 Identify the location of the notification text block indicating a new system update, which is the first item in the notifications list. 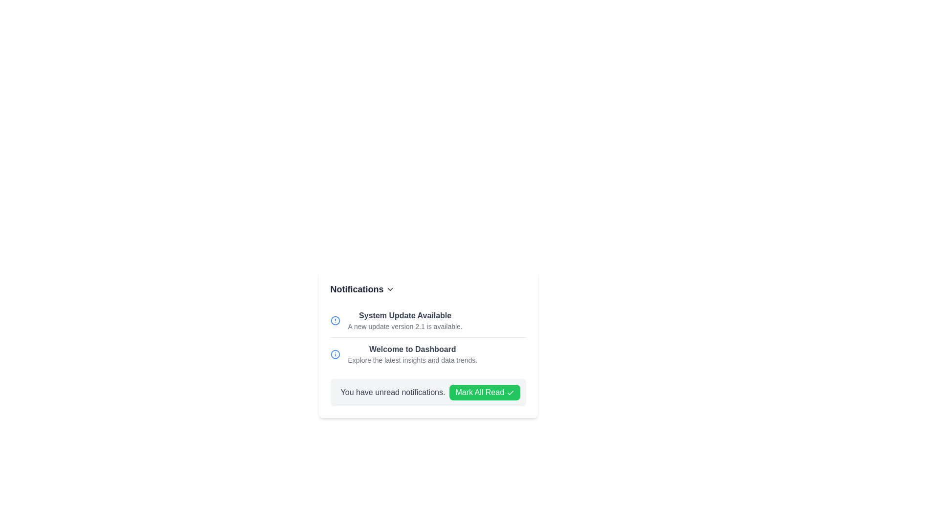
(428, 320).